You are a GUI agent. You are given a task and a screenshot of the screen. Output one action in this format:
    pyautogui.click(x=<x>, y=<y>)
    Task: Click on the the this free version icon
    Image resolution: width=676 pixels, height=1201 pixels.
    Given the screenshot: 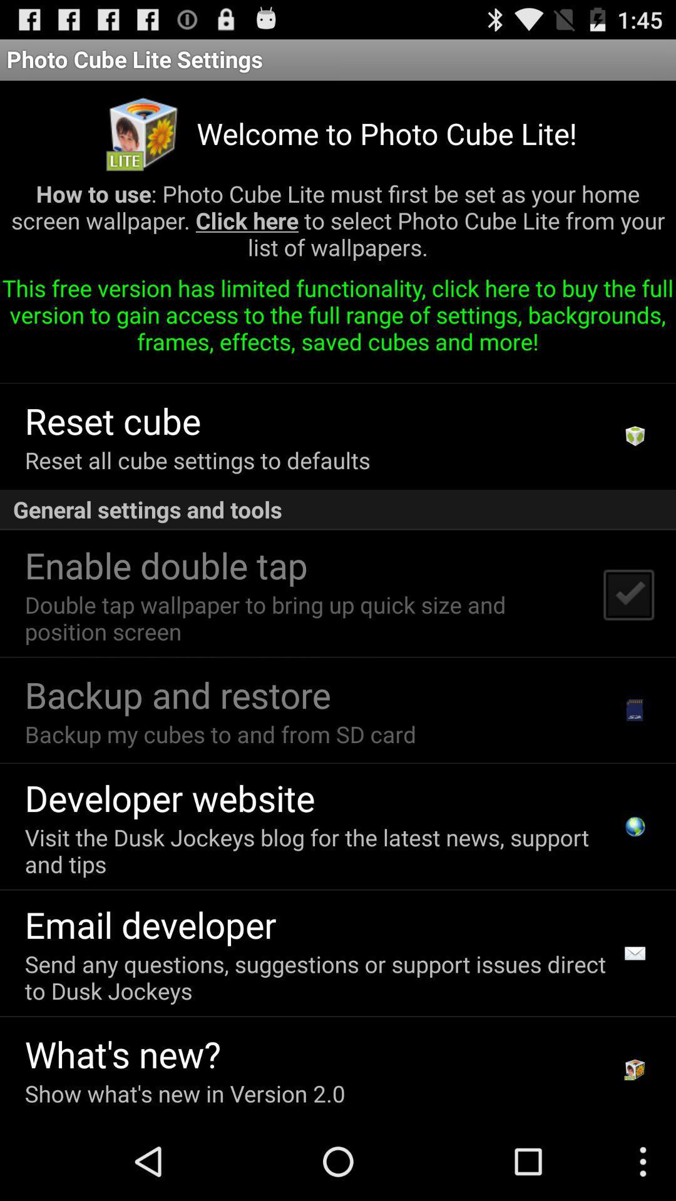 What is the action you would take?
    pyautogui.click(x=338, y=320)
    